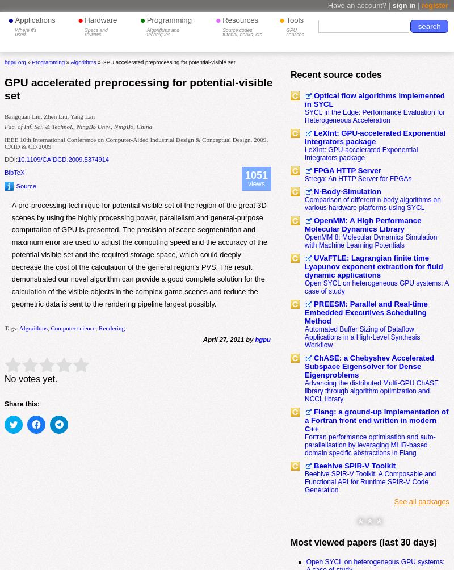  I want to click on 'Recent source codes', so click(335, 73).